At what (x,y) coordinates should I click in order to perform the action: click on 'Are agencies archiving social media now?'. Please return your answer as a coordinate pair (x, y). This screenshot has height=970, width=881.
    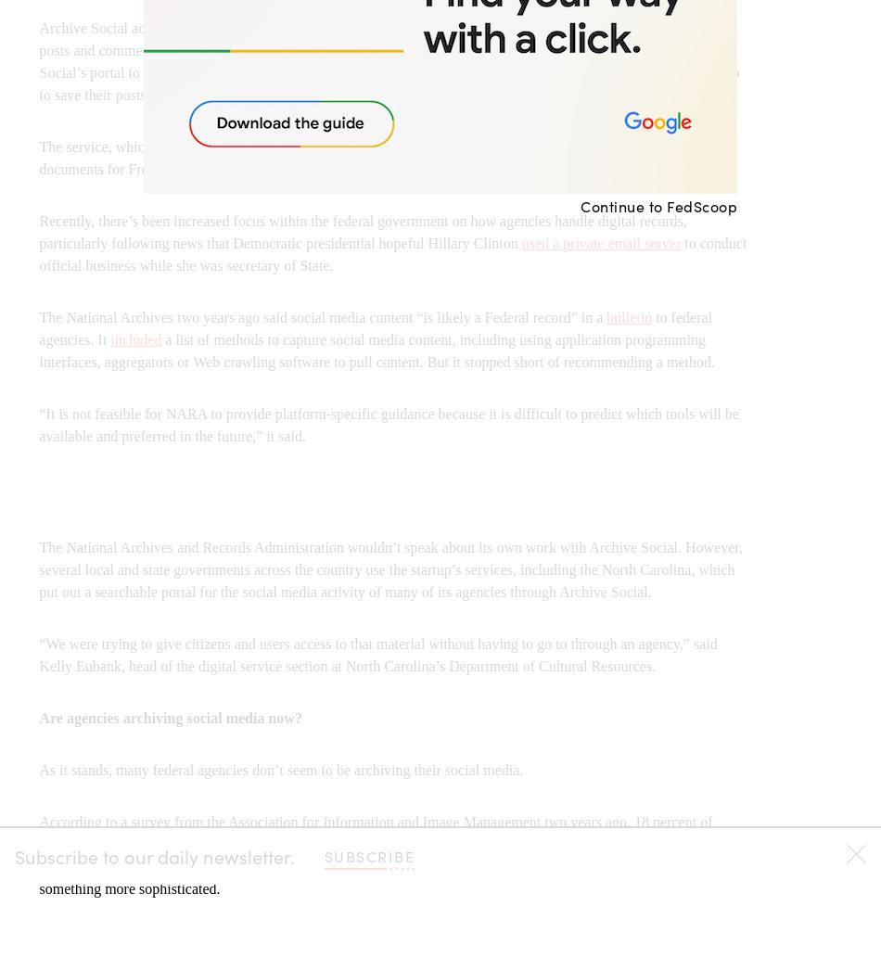
    Looking at the image, I should click on (170, 717).